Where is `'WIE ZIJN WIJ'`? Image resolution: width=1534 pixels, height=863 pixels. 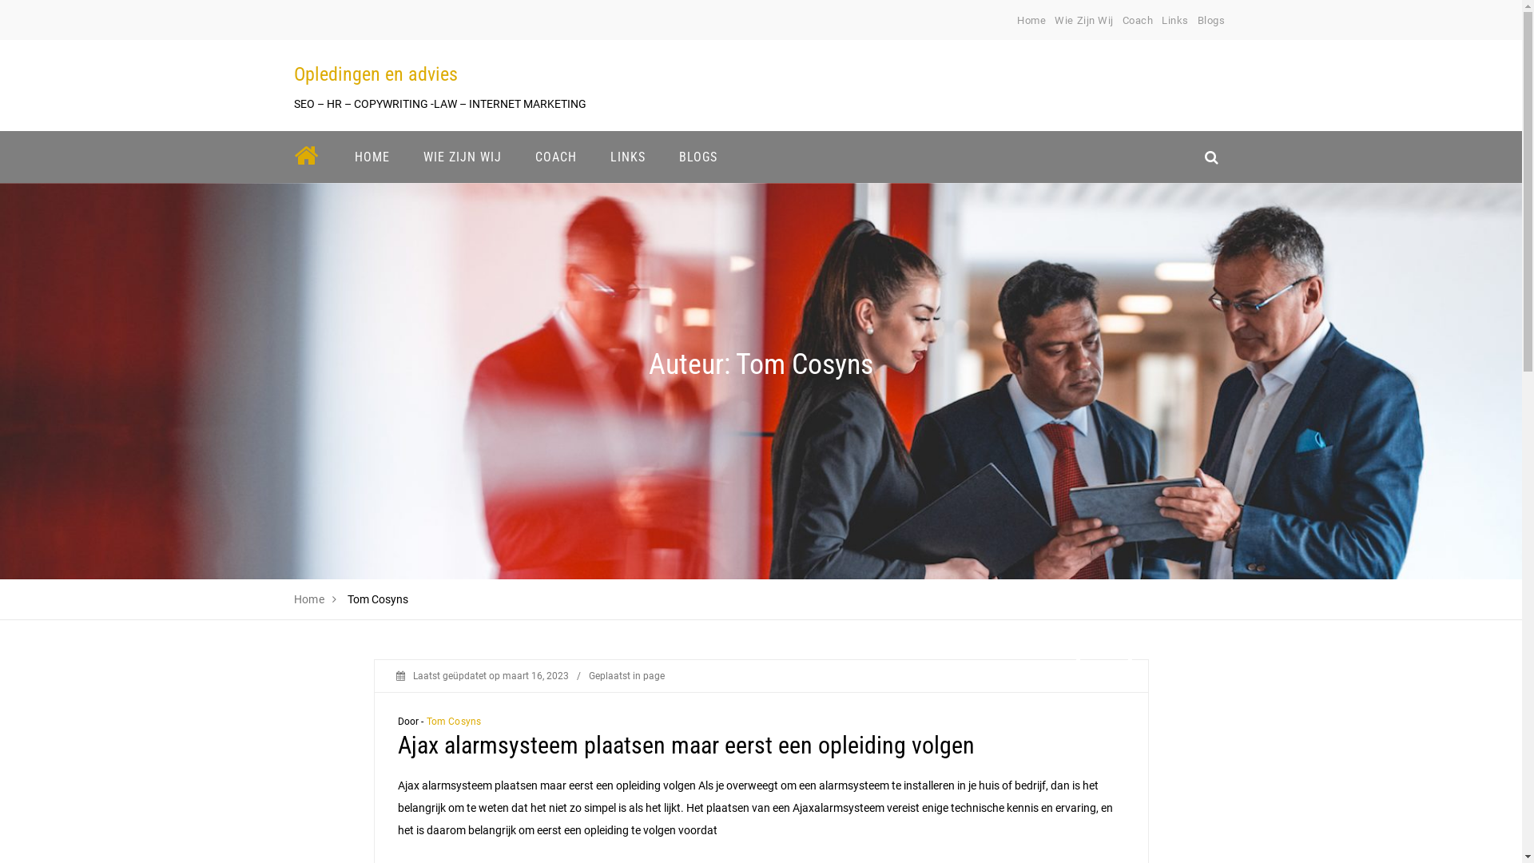 'WIE ZIJN WIJ' is located at coordinates (460, 157).